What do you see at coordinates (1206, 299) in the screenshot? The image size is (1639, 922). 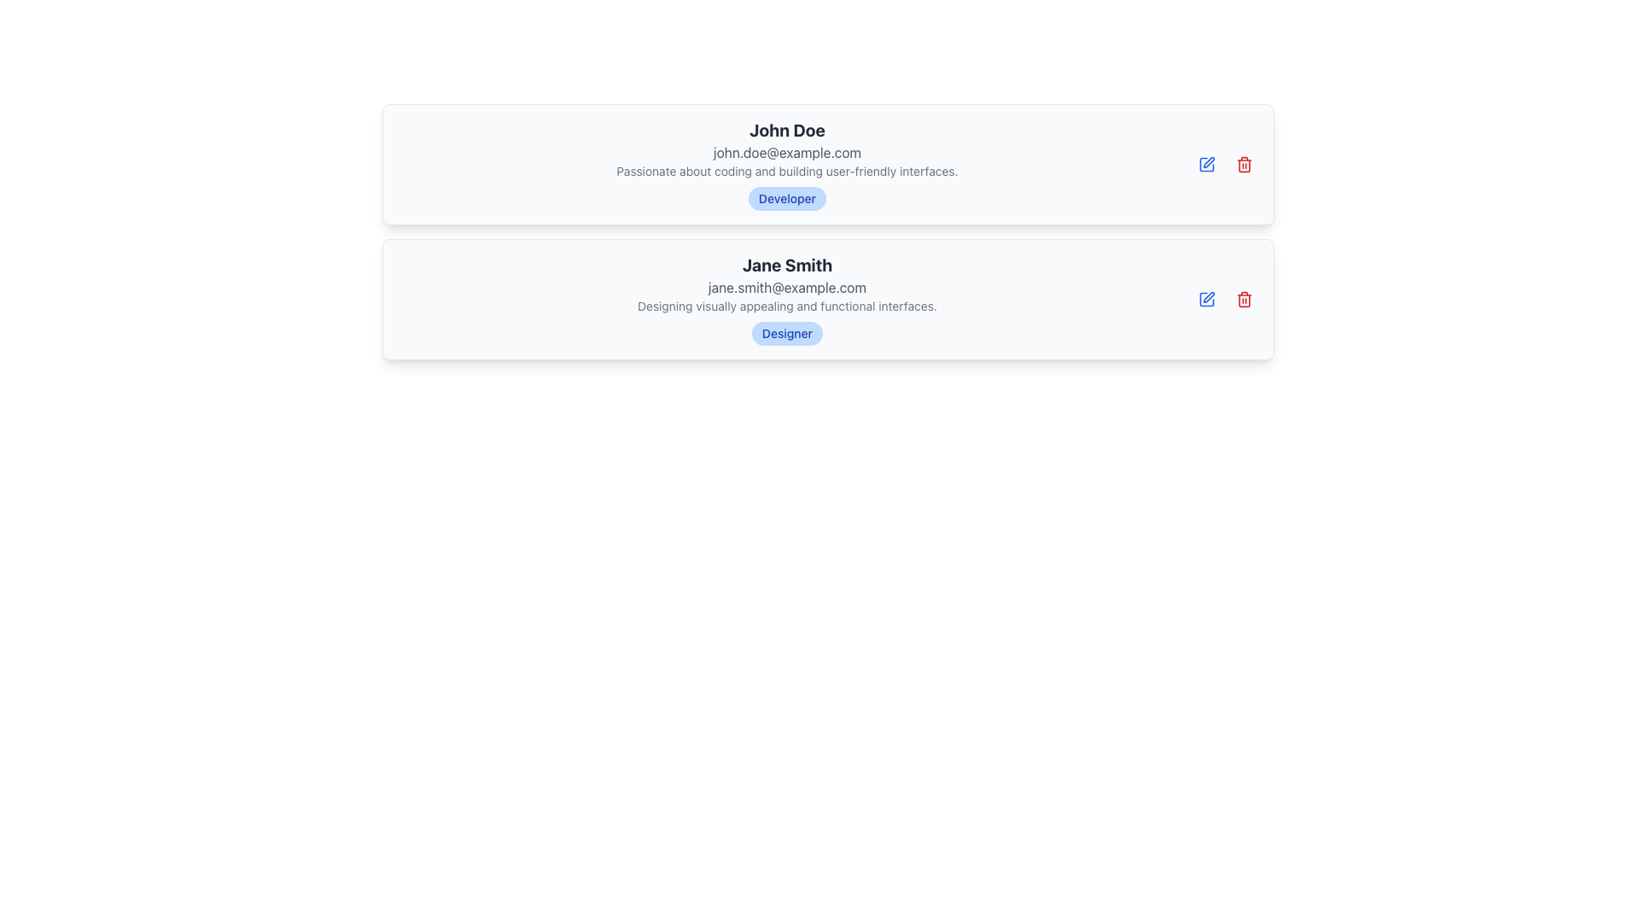 I see `the blue pen icon button at the end of Jane Smith's profile card` at bounding box center [1206, 299].